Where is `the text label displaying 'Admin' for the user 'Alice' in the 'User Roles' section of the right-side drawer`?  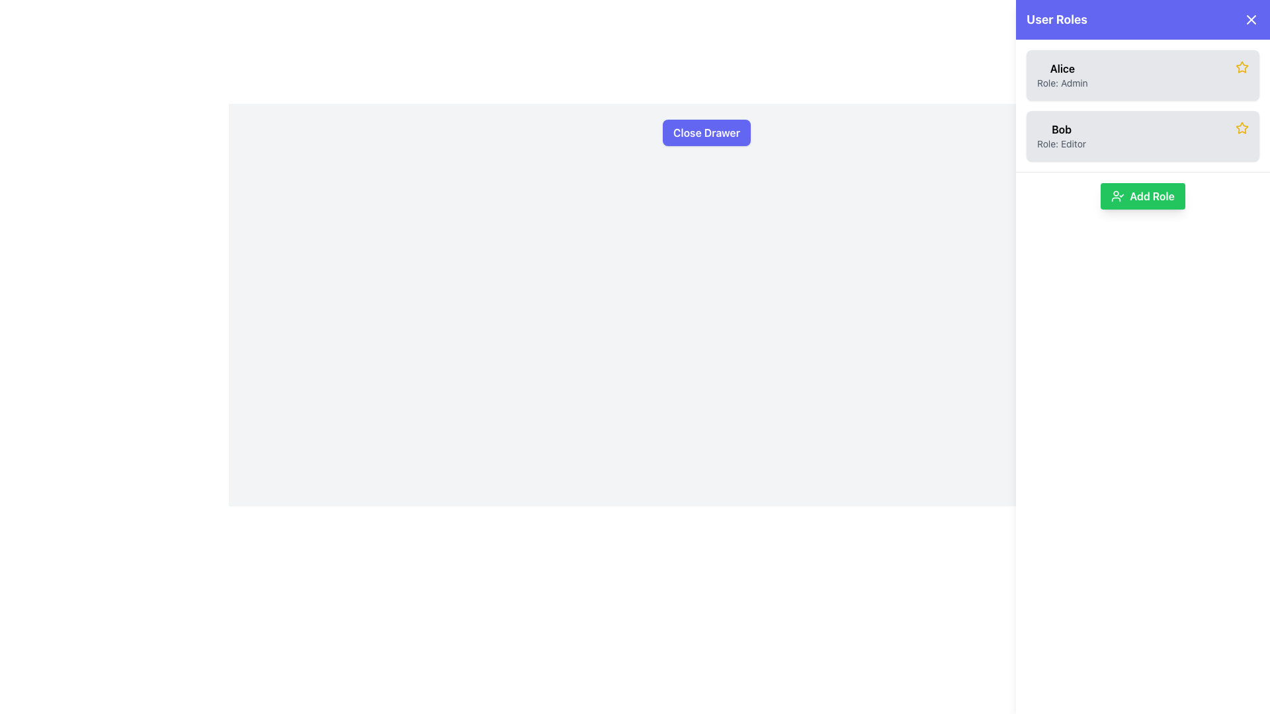
the text label displaying 'Admin' for the user 'Alice' in the 'User Roles' section of the right-side drawer is located at coordinates (1062, 83).